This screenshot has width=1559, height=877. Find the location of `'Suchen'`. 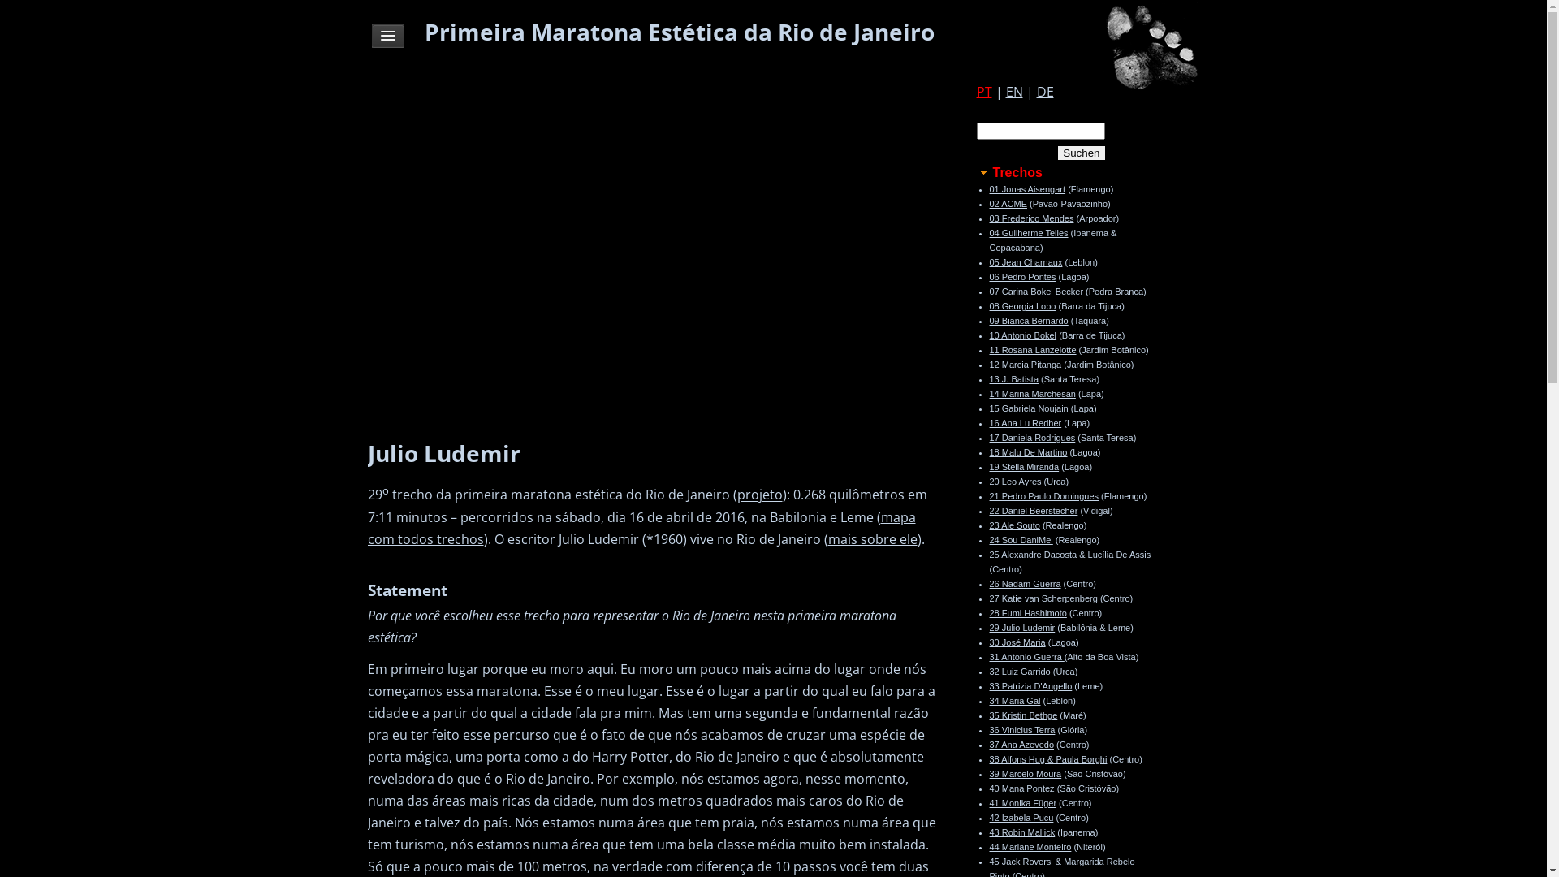

'Suchen' is located at coordinates (1081, 153).